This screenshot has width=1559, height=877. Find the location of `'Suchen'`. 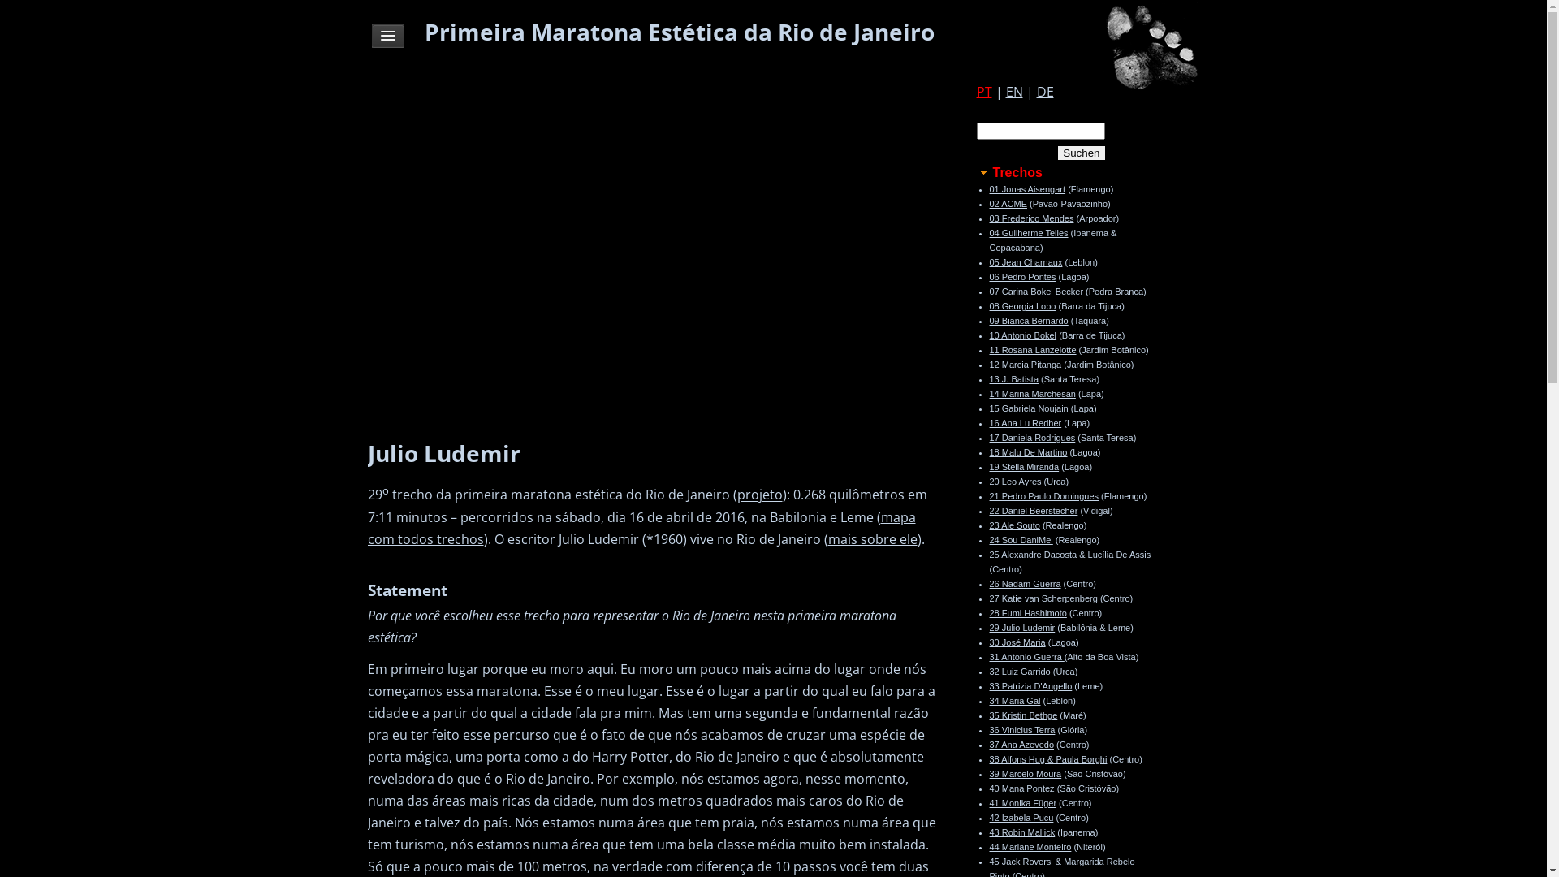

'Suchen' is located at coordinates (1081, 153).